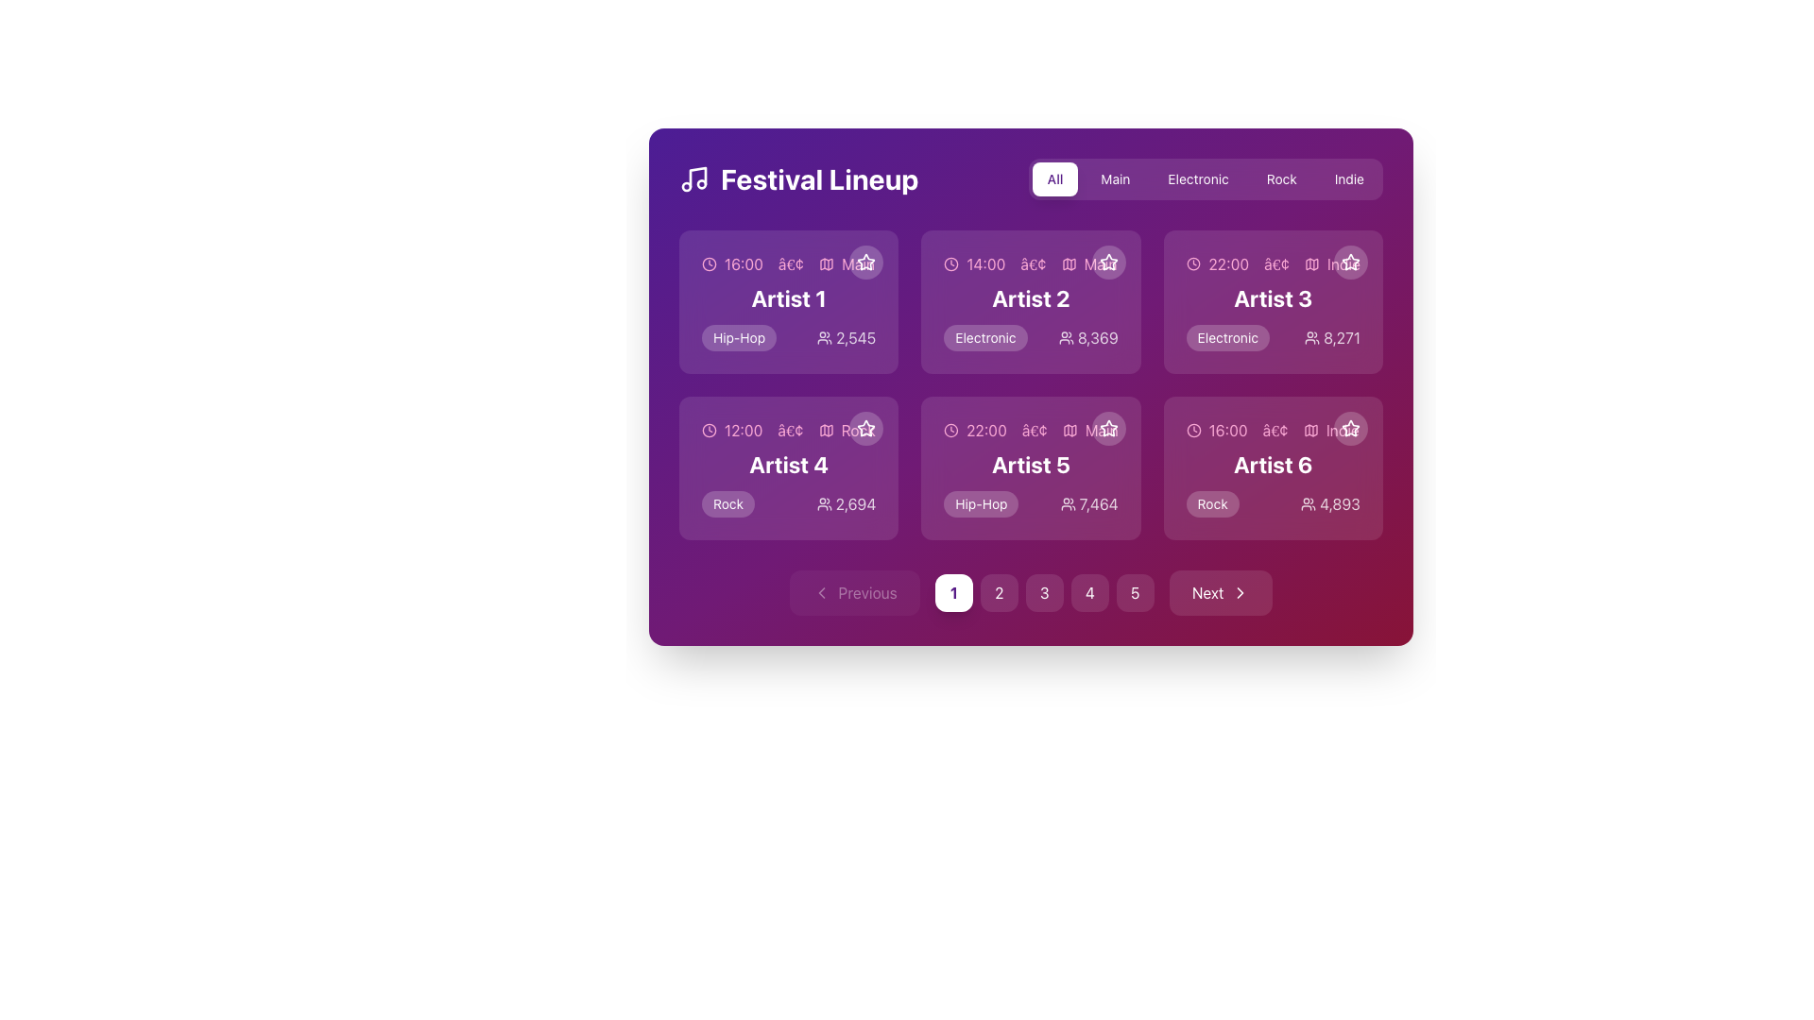 The height and width of the screenshot is (1020, 1814). What do you see at coordinates (738, 337) in the screenshot?
I see `the genre context of the label 'Hip-Hop', which is a small pill-shaped label with a semi-transparent white background located under 'Artist 1' and above the statistic '2,545' in the top-left card of the grid layout` at bounding box center [738, 337].